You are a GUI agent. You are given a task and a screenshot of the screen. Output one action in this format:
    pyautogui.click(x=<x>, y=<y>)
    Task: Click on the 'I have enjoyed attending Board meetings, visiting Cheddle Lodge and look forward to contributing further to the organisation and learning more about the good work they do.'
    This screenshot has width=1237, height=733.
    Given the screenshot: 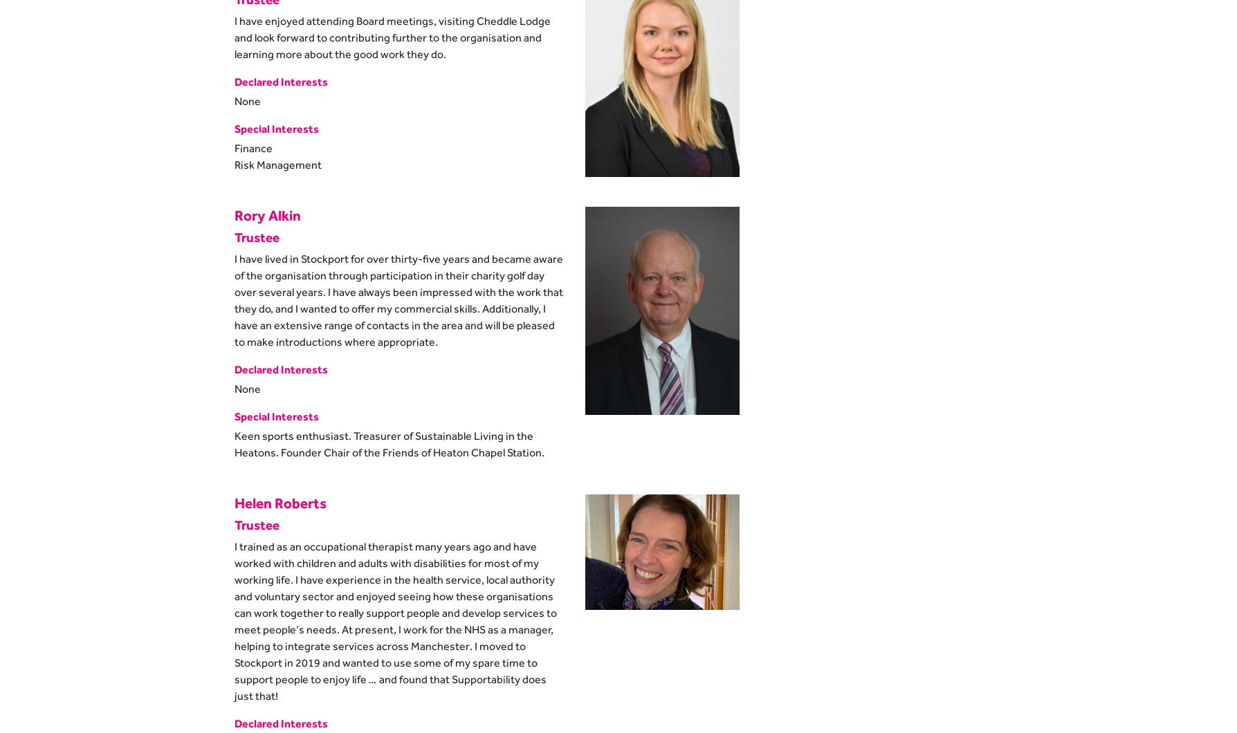 What is the action you would take?
    pyautogui.click(x=392, y=37)
    